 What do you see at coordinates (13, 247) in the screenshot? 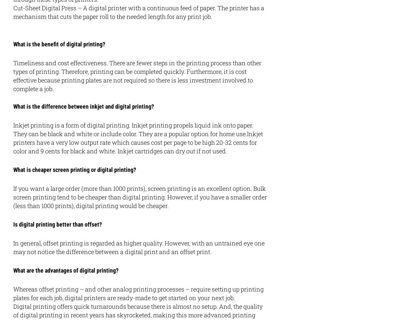
I see `'In general, offset printing is regarded as higher quality. However, with an untrained eye one may not notice the difference between a digital print and an offset print.'` at bounding box center [13, 247].